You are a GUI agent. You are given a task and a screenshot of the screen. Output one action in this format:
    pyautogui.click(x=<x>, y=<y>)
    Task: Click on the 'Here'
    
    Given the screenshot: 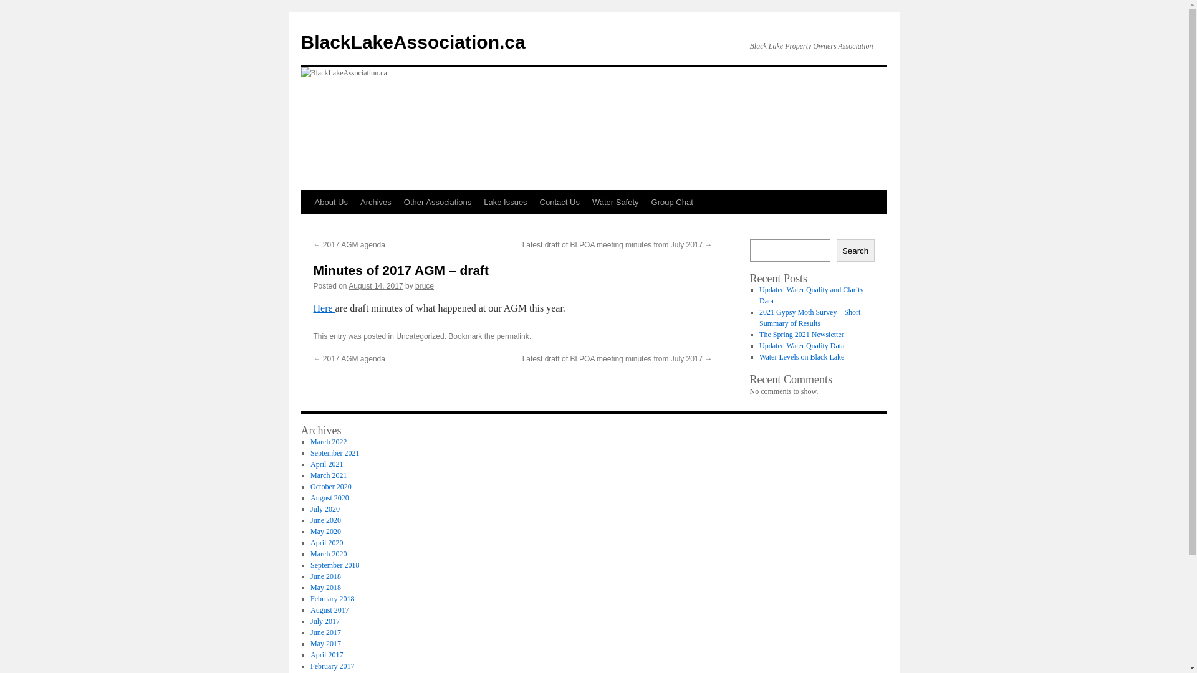 What is the action you would take?
    pyautogui.click(x=313, y=308)
    